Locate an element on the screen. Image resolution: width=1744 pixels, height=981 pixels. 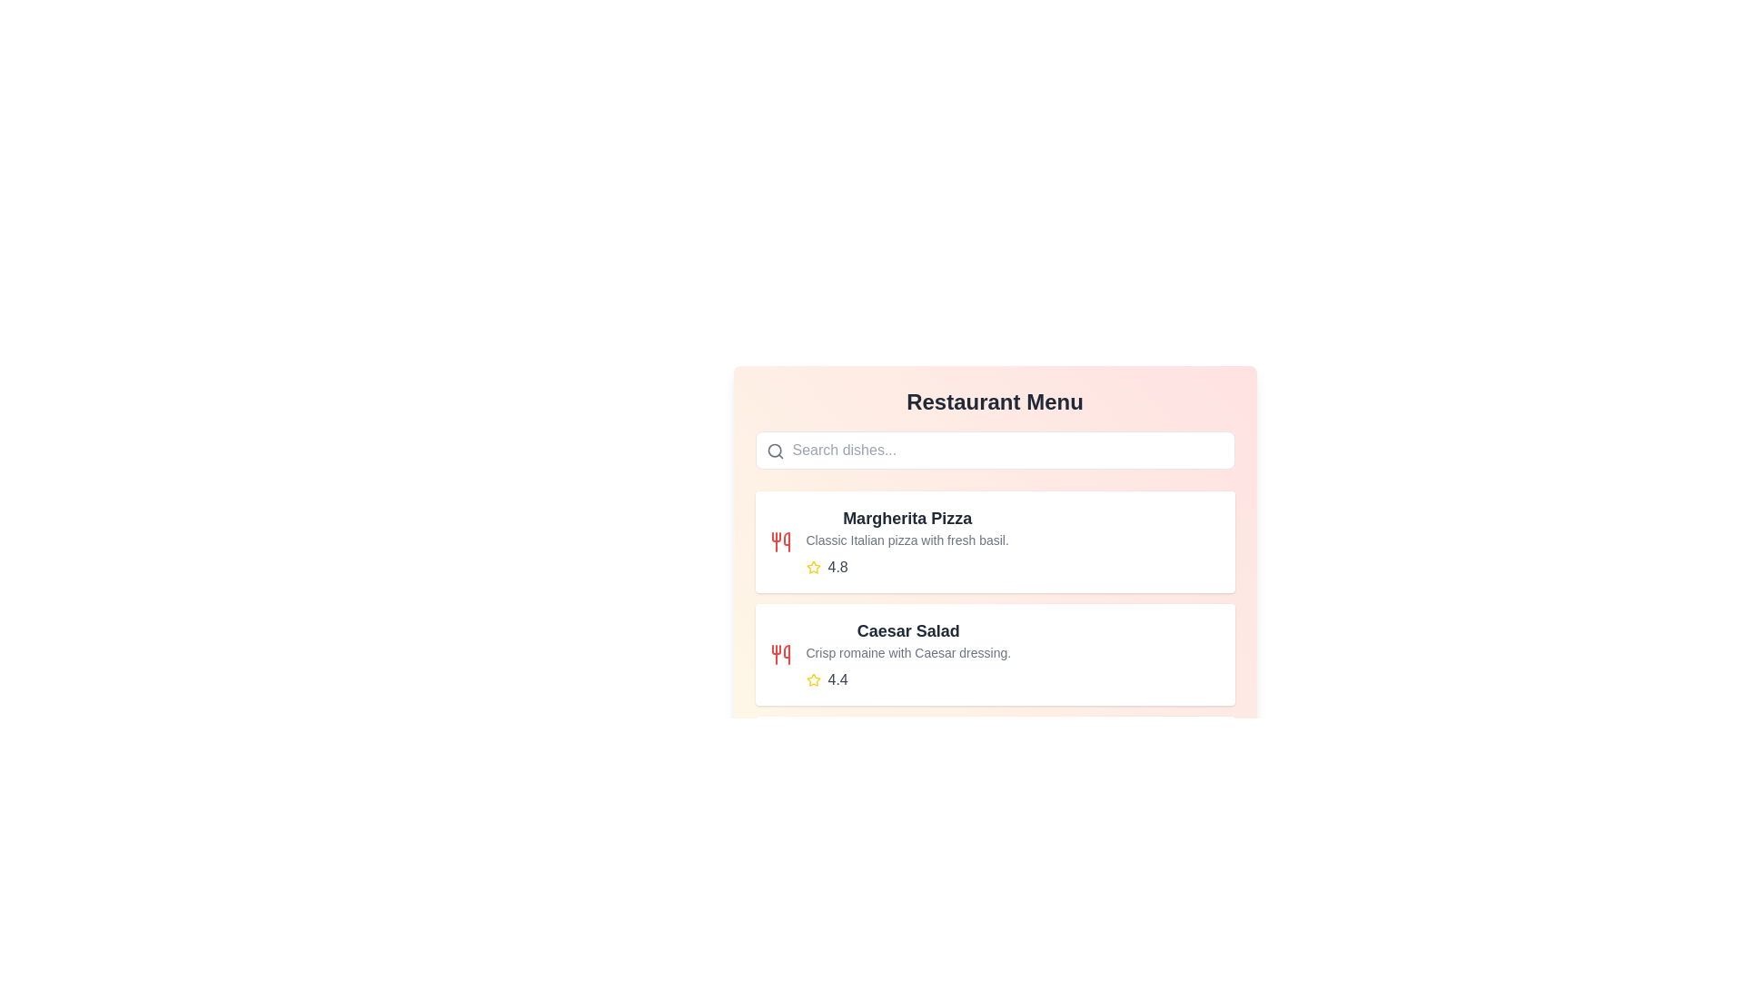
the text label that provides a description of the dish, which states 'Crisp romaine with Caesar dressing.', positioned below the title 'Caesar Salad' in the menu items section is located at coordinates (908, 651).